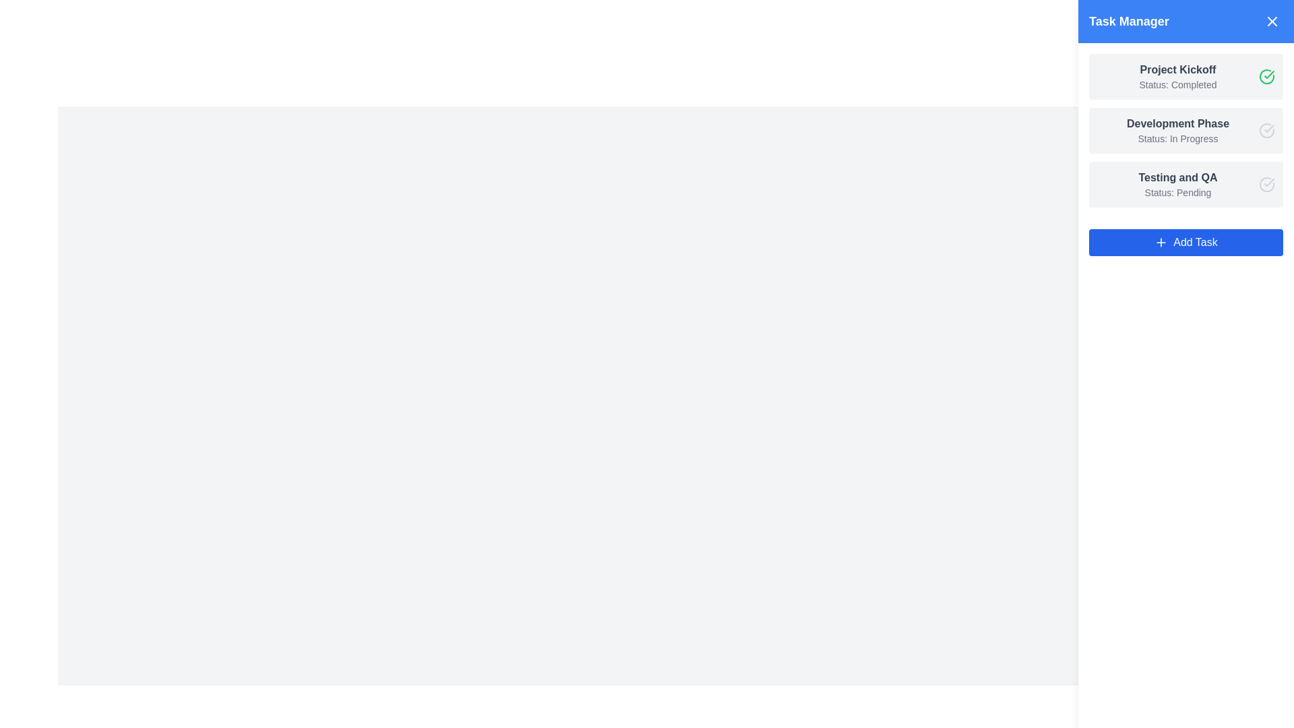  Describe the element at coordinates (1177, 130) in the screenshot. I see `the displayed information of the 'Development Phase' status in the text display located in the right-side task panel, between 'Project Kickoff' and 'Testing and QA'` at that location.